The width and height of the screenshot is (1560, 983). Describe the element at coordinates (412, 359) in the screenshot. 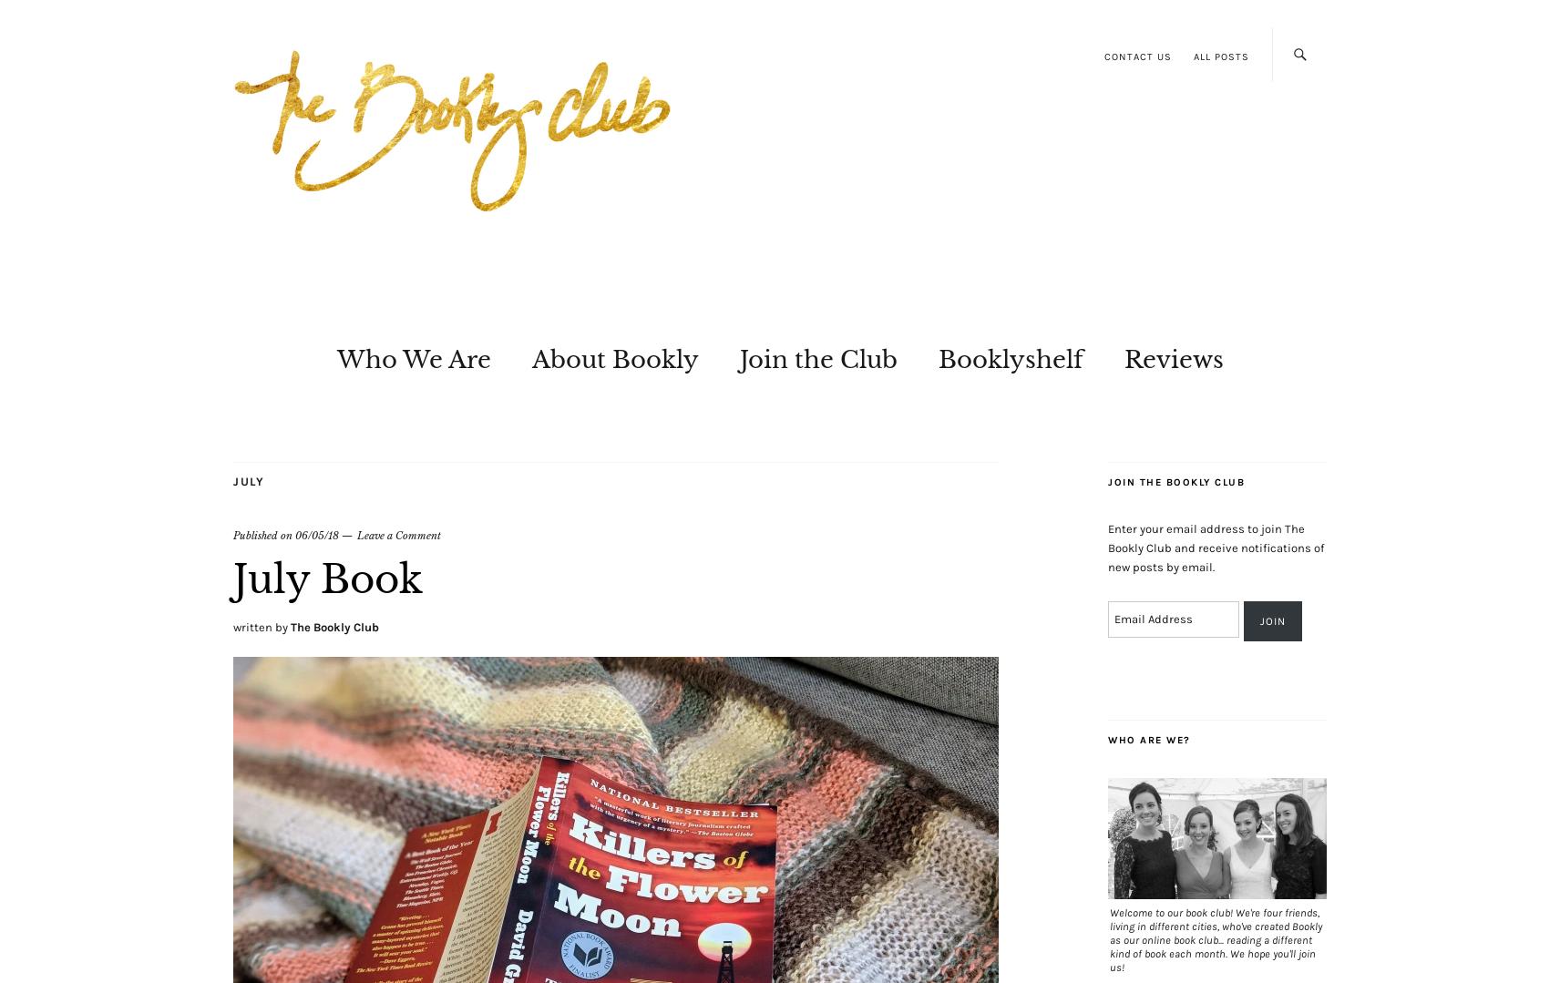

I see `'Who We Are'` at that location.